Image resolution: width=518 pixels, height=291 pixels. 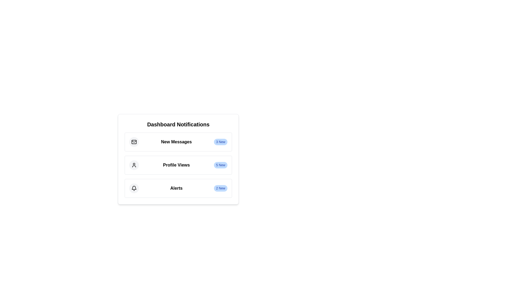 What do you see at coordinates (134, 165) in the screenshot?
I see `the circular user profile icon with a shaded gray background located in the 'Profile Views' section of the notification panel, positioned to the left of the text 'Profile Views'` at bounding box center [134, 165].